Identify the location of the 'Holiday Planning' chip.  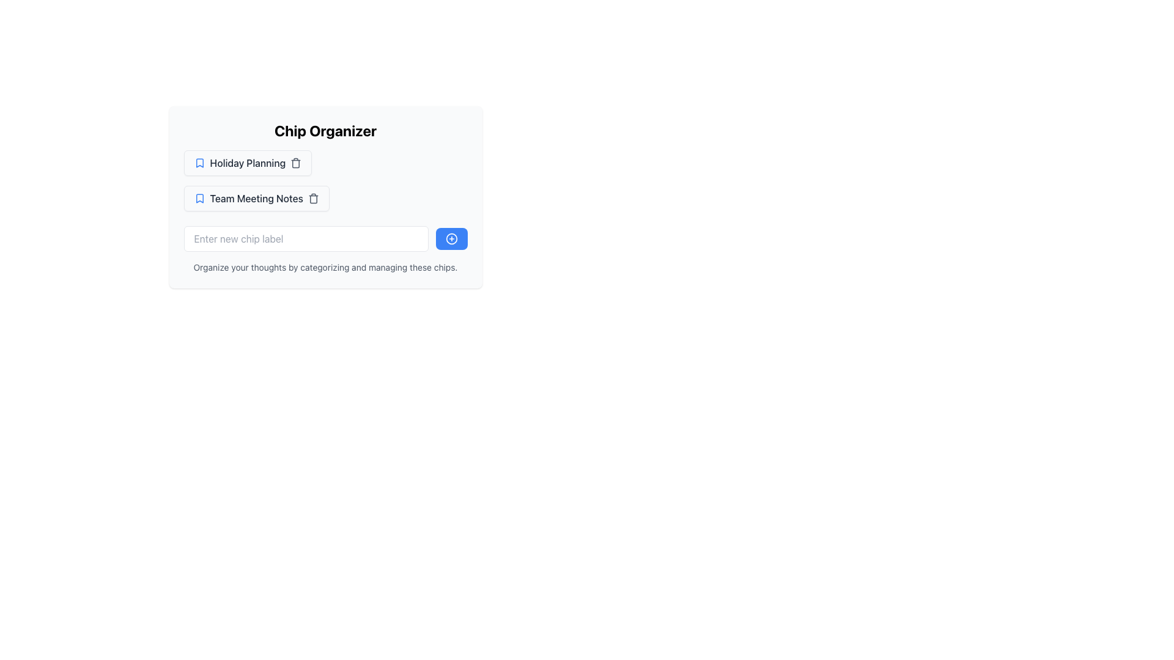
(247, 162).